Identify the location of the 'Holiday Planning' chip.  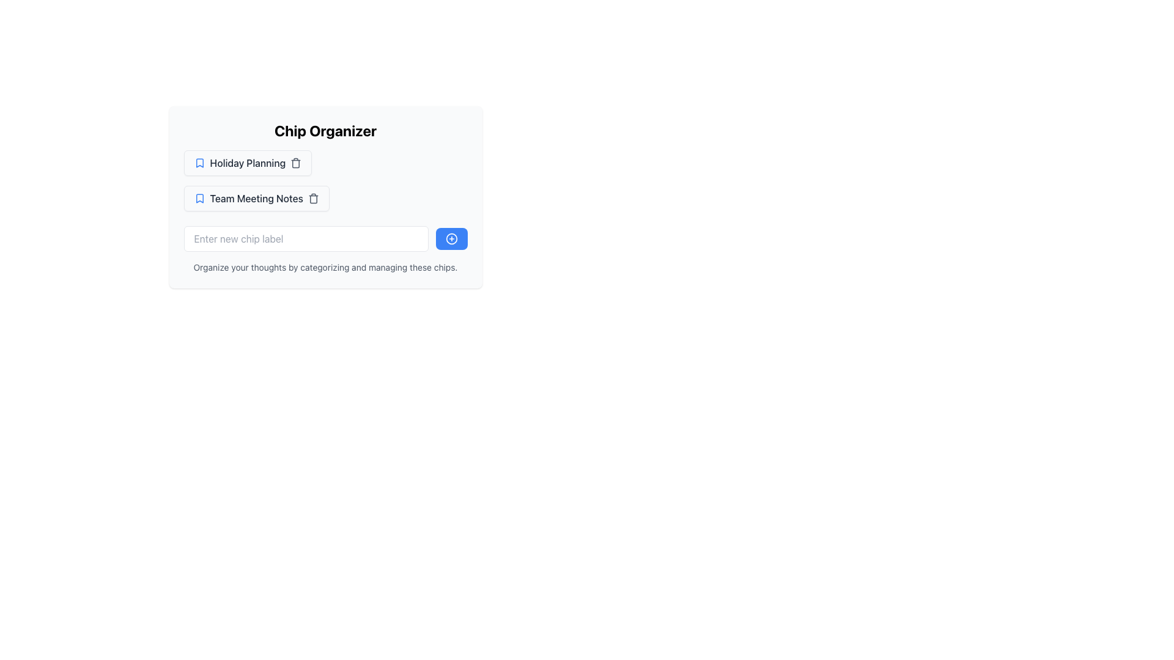
(247, 162).